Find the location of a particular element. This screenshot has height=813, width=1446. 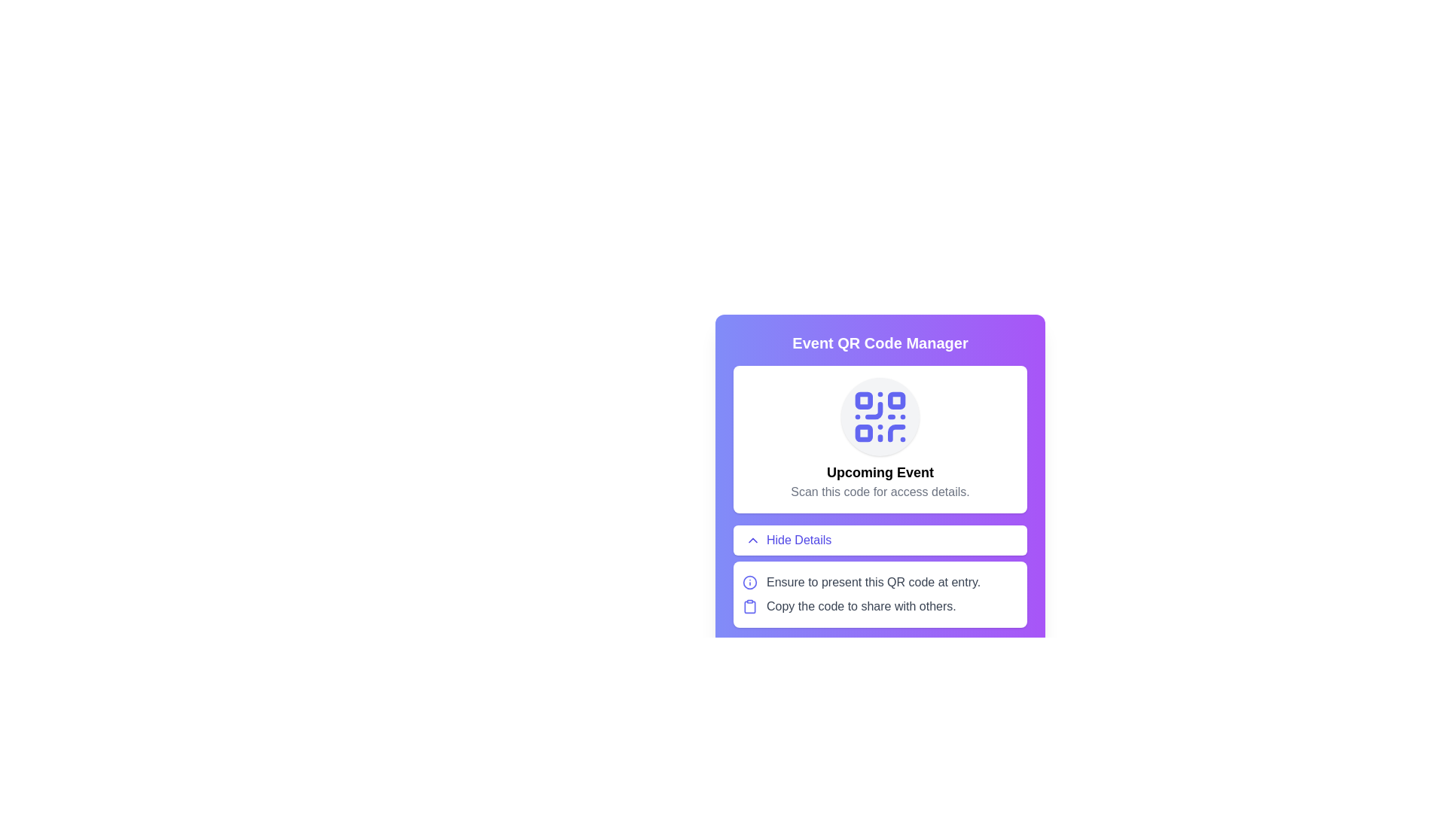

the static text element that says 'Scan this code for access details.' positioned beneath the 'Upcoming Event' title is located at coordinates (880, 492).